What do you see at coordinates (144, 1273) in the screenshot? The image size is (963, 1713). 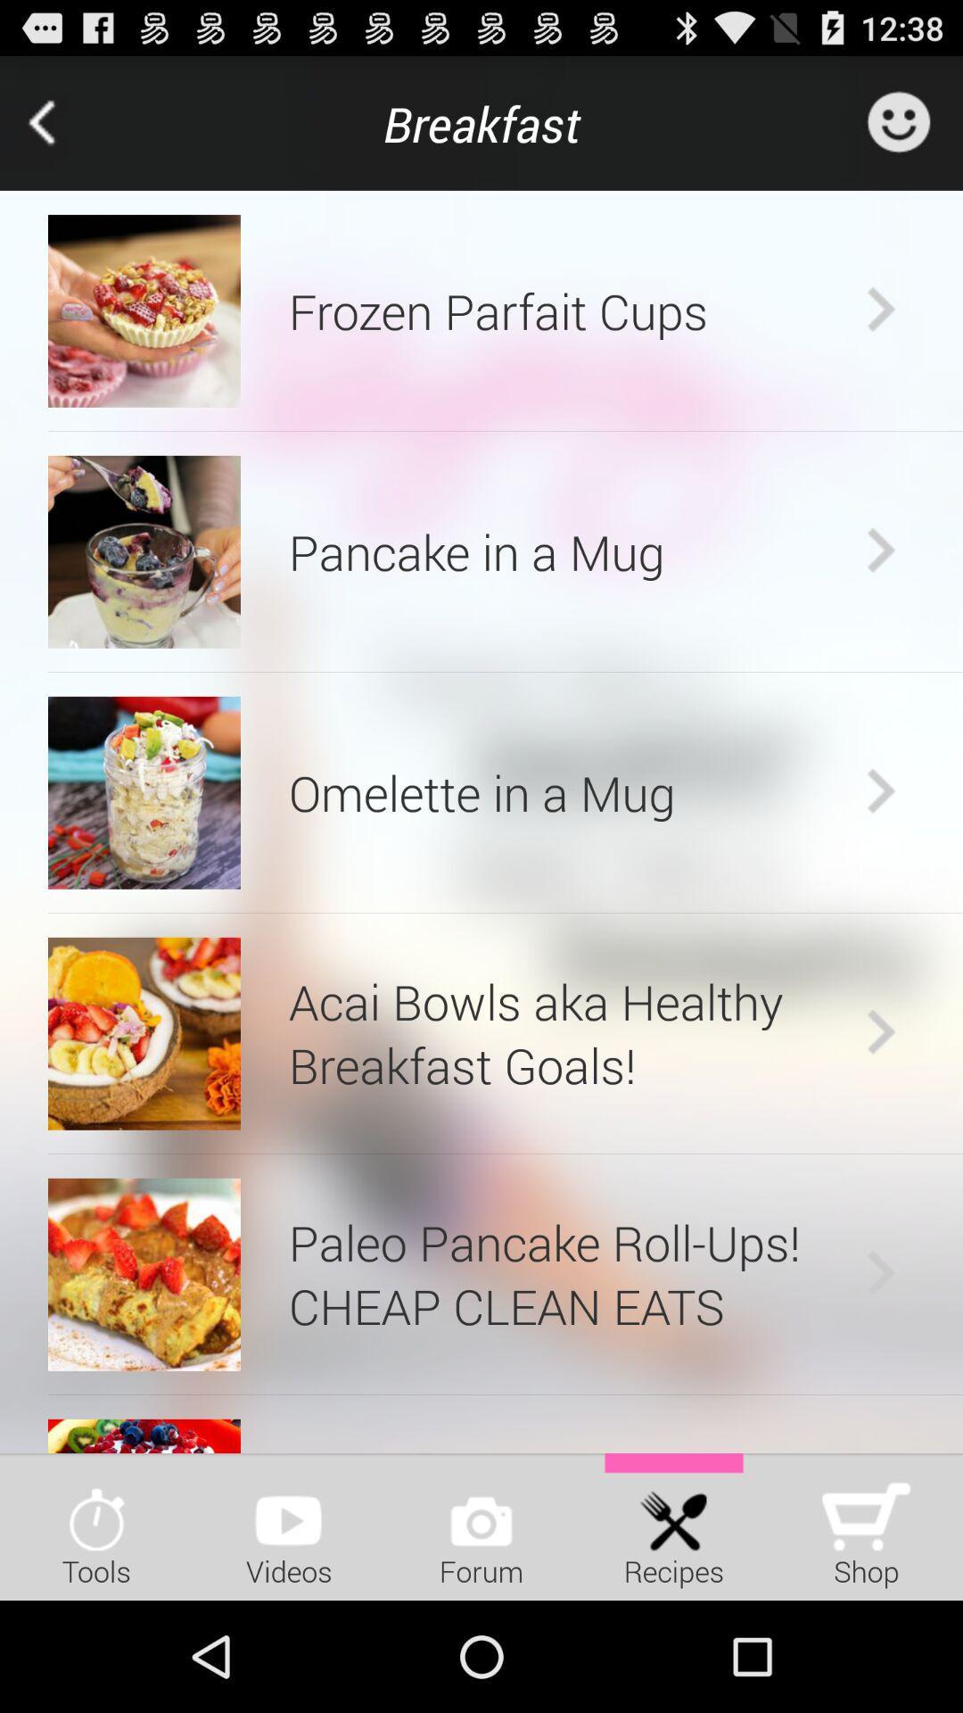 I see `the app next to paleo pancake roll item` at bounding box center [144, 1273].